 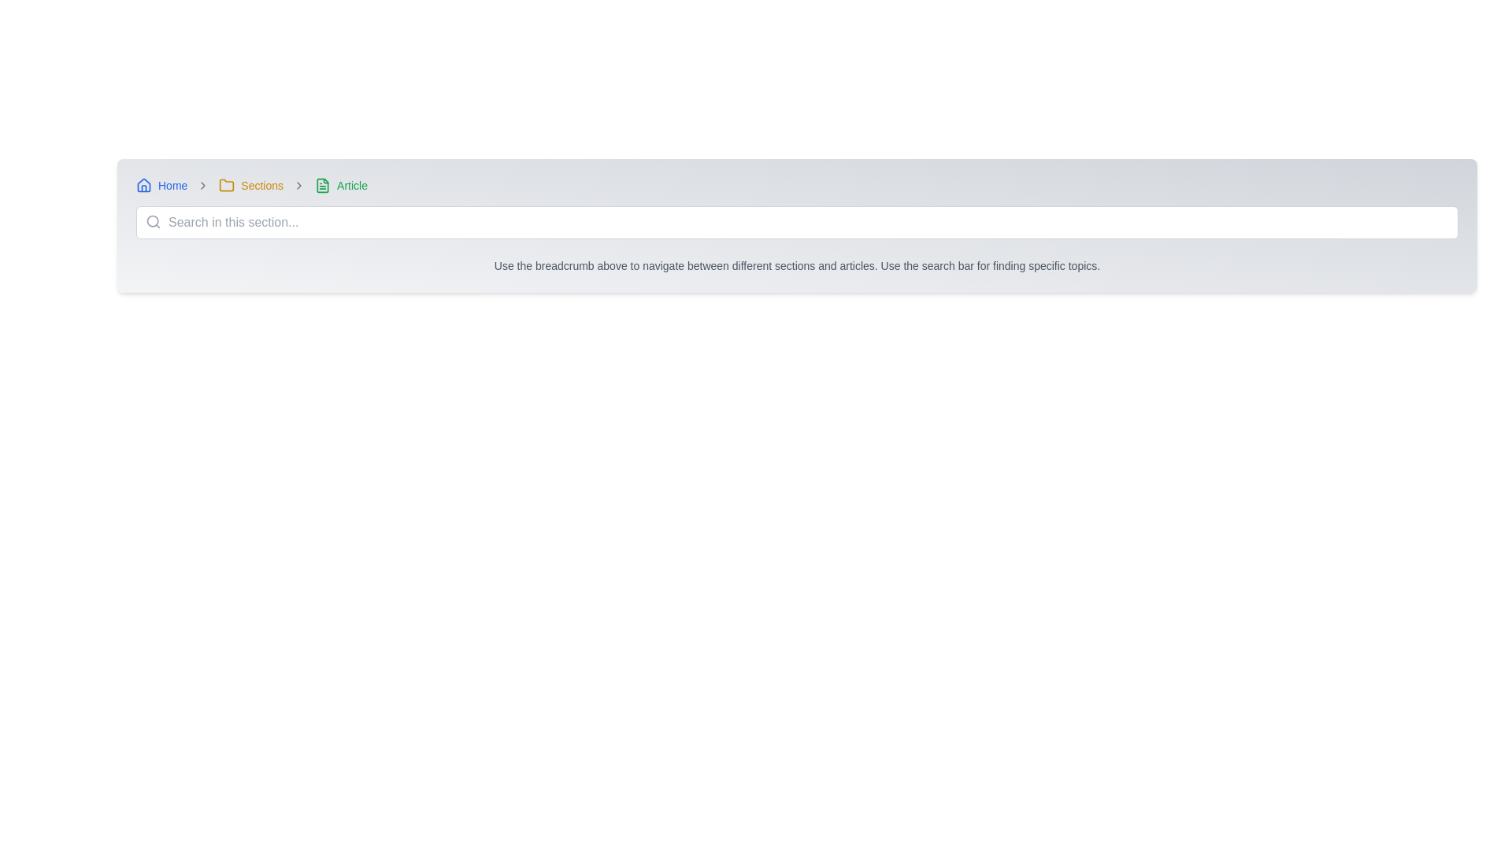 I want to click on the yellow folder icon located in the breadcrumb navigation bar, positioned to the left of the 'Sections' text link, so click(x=226, y=184).